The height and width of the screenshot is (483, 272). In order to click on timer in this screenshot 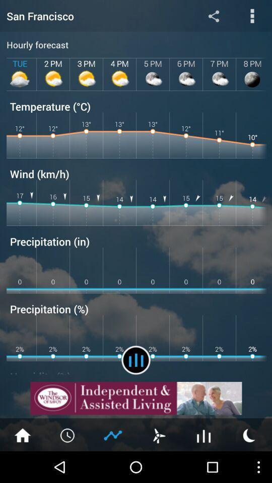, I will do `click(68, 434)`.